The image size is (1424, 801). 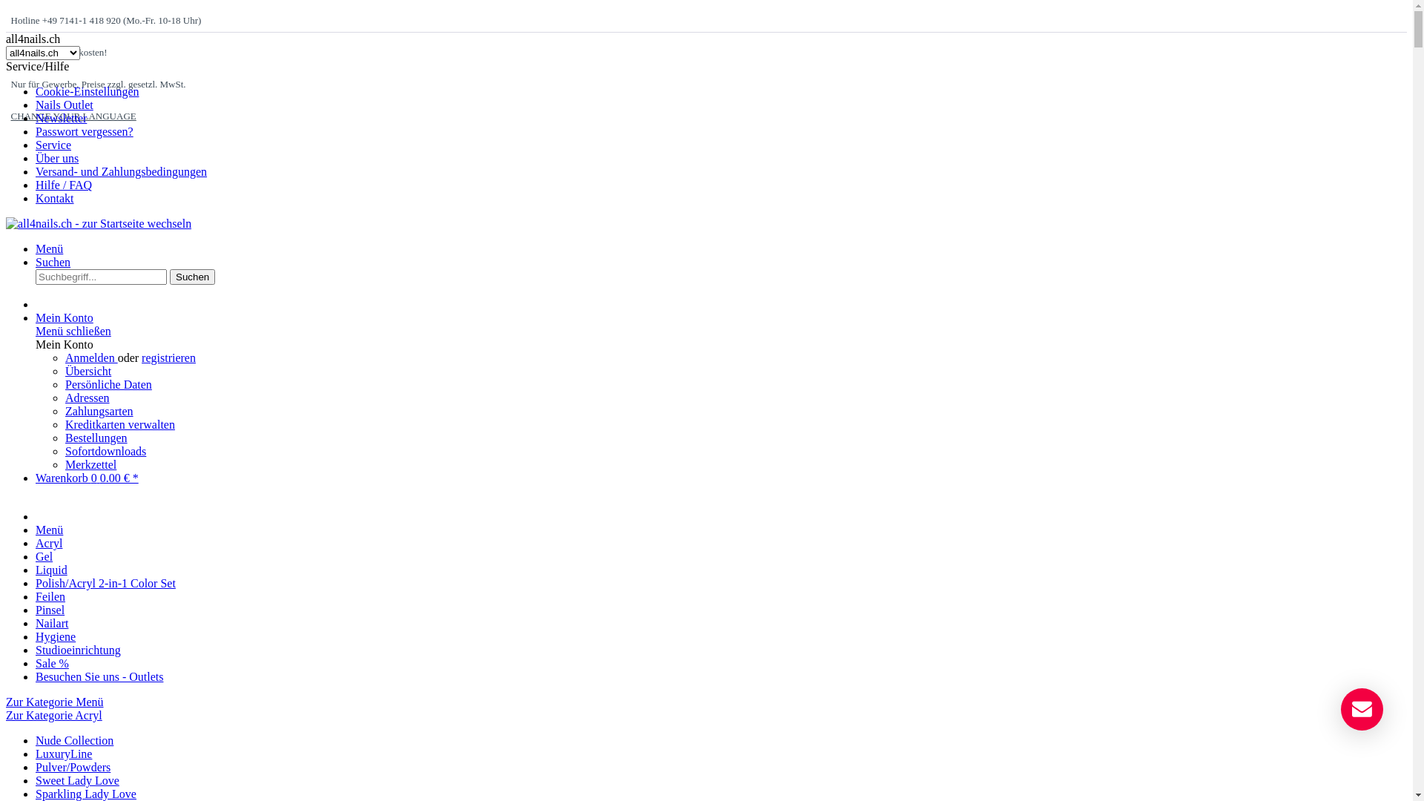 What do you see at coordinates (6, 714) in the screenshot?
I see `'Zur Kategorie Acryl'` at bounding box center [6, 714].